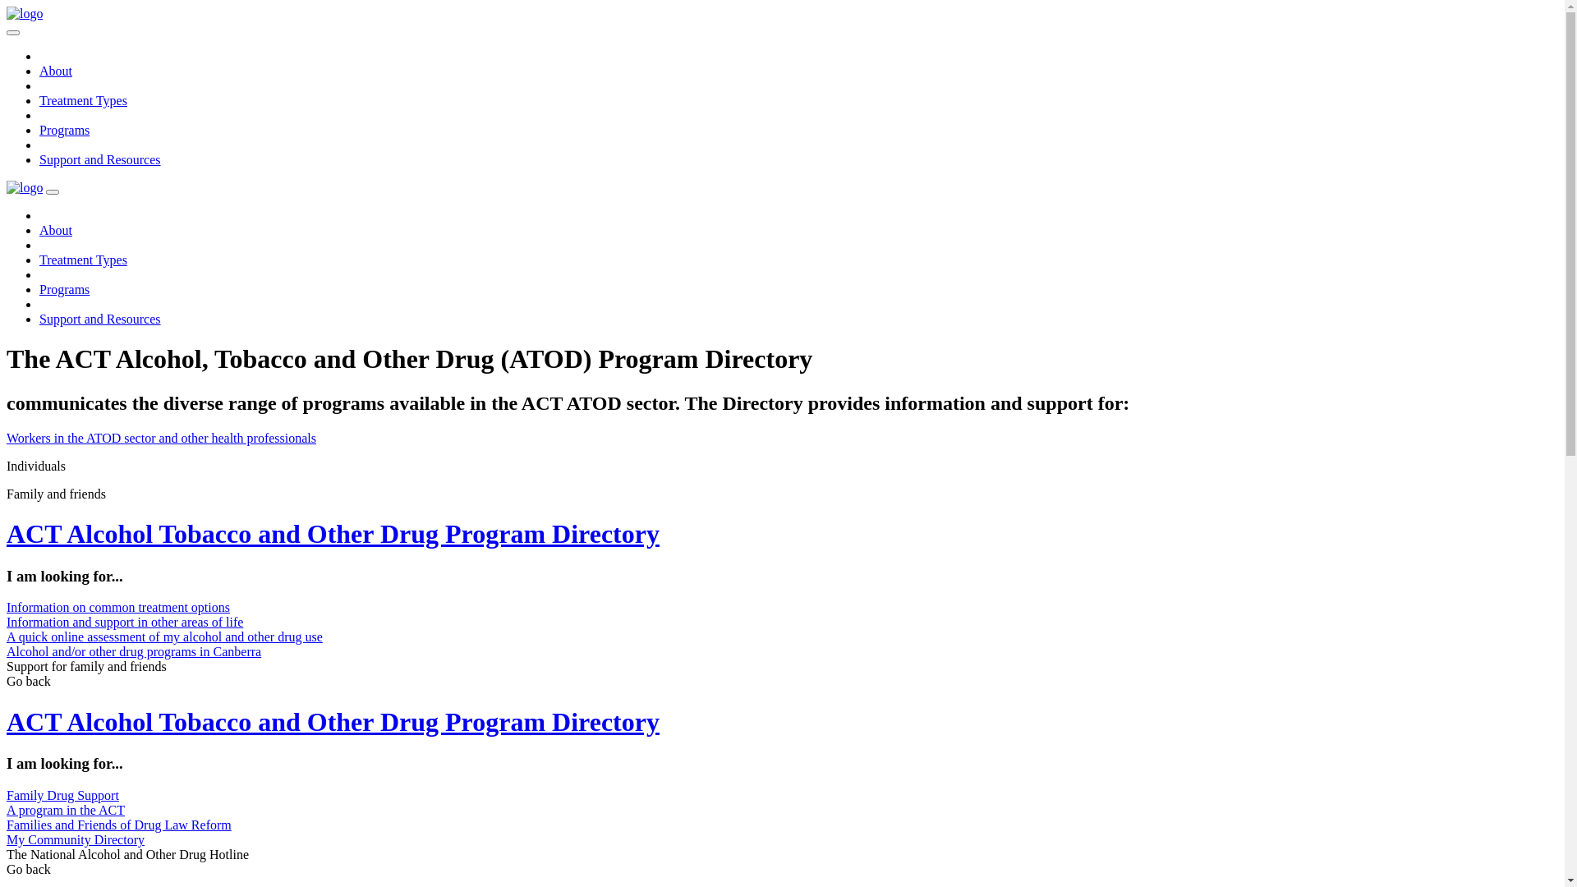 Image resolution: width=1577 pixels, height=887 pixels. I want to click on 'Support and Resources', so click(99, 319).